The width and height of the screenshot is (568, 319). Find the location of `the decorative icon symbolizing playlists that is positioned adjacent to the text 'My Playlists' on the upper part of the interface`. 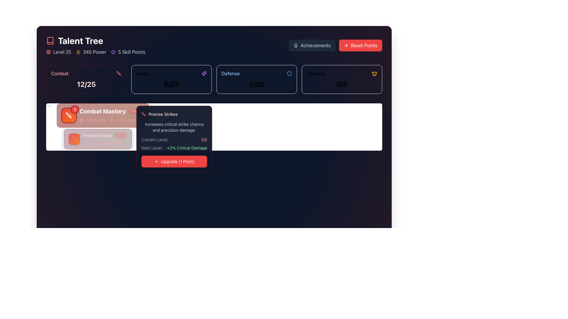

the decorative icon symbolizing playlists that is positioned adjacent to the text 'My Playlists' on the upper part of the interface is located at coordinates (86, 44).